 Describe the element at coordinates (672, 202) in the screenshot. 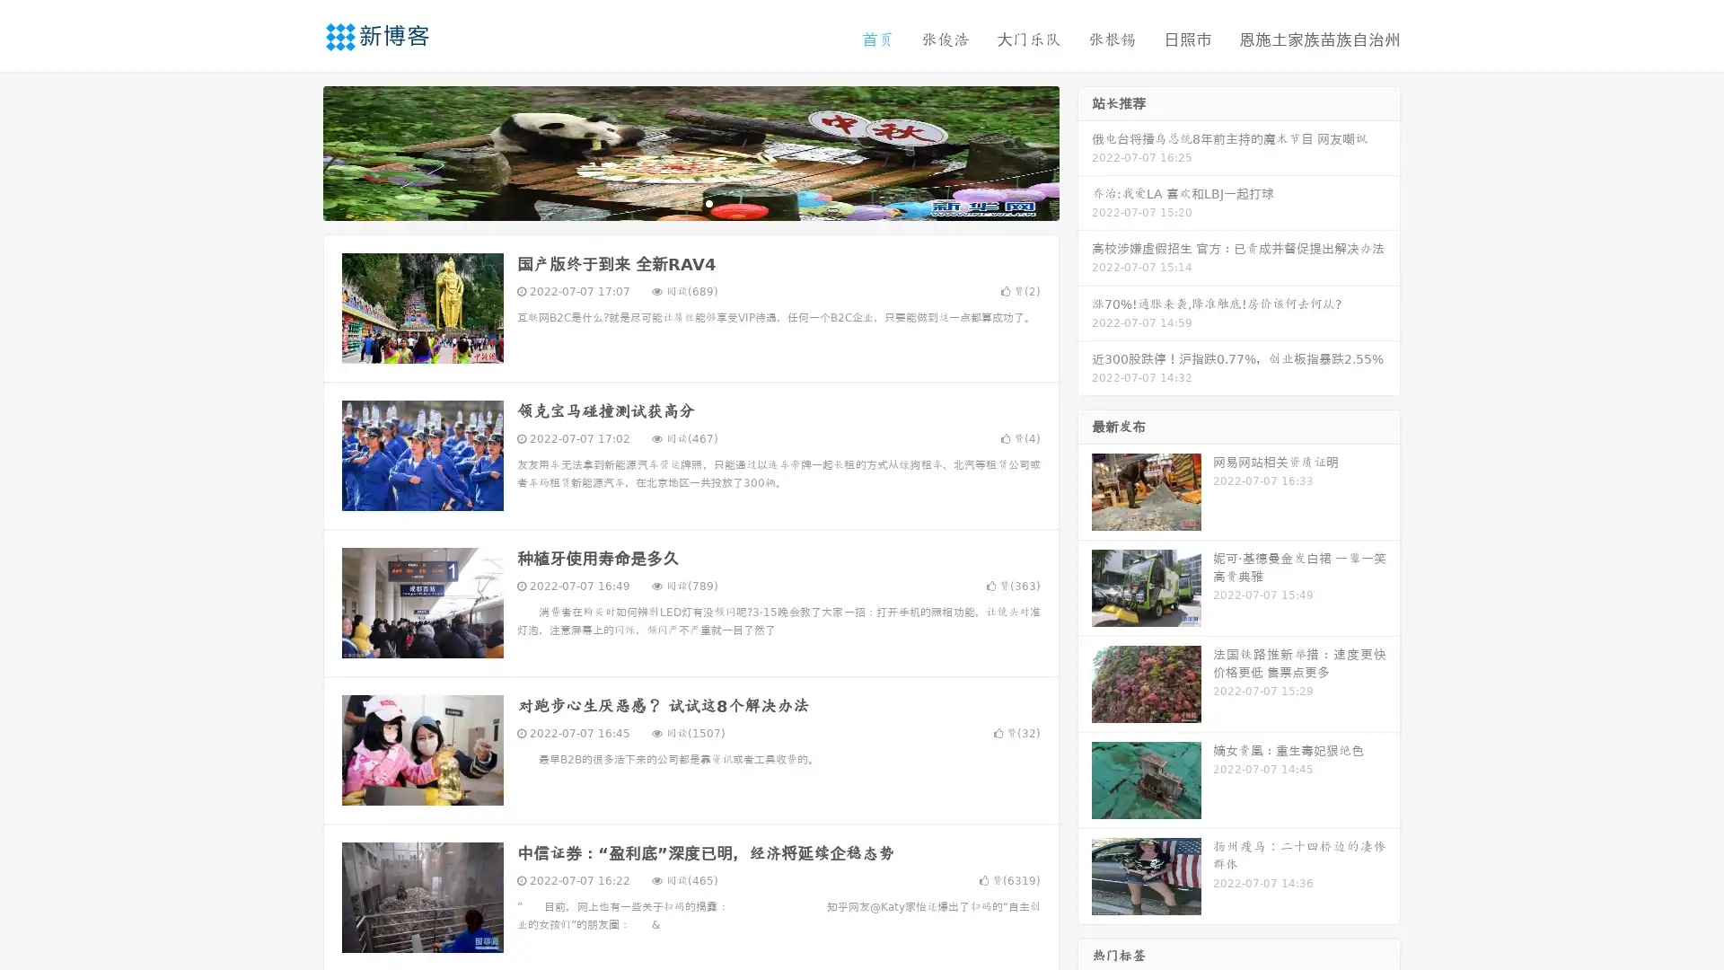

I see `Go to slide 1` at that location.